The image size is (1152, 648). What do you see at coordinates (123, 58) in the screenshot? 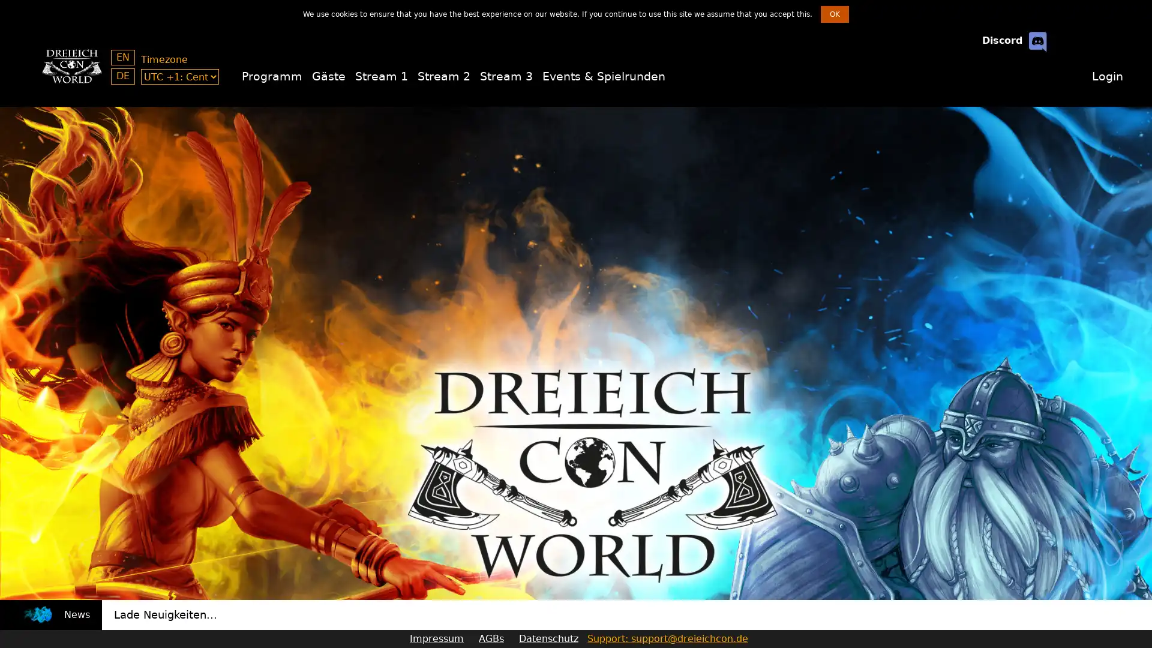
I see `EN` at bounding box center [123, 58].